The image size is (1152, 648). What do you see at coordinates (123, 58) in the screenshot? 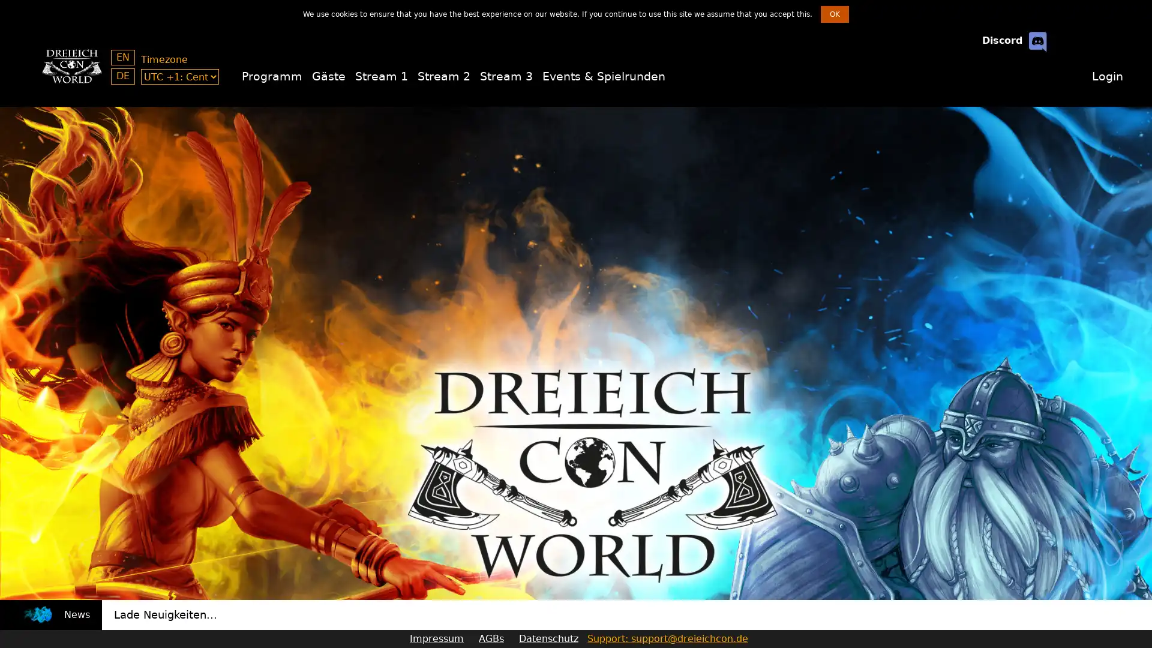
I see `EN` at bounding box center [123, 58].